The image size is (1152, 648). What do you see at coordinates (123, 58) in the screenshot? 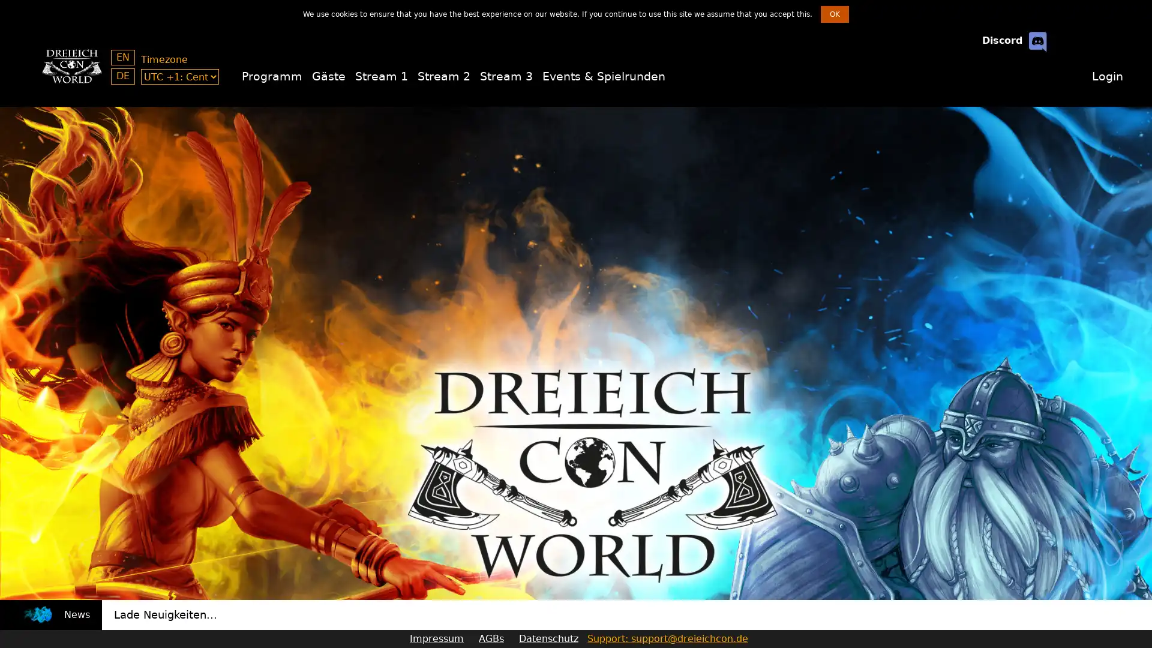
I see `EN` at bounding box center [123, 58].